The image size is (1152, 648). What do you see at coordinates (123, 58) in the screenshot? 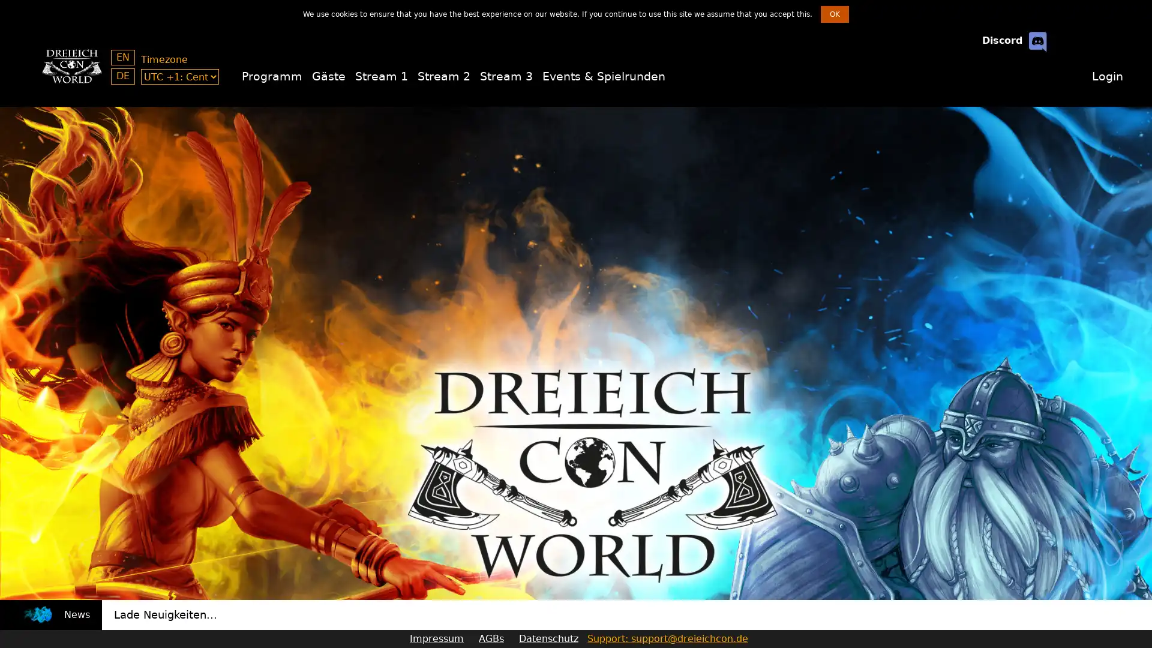
I see `EN` at bounding box center [123, 58].